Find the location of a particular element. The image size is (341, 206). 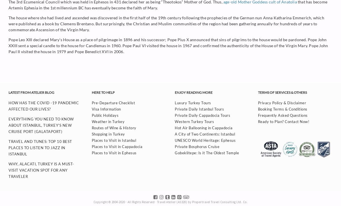

'TRAVEL AND TUNES: TOP 10 BEST PLACES TO LISTEN TO JAZZ IN ISTANBUL' is located at coordinates (40, 147).